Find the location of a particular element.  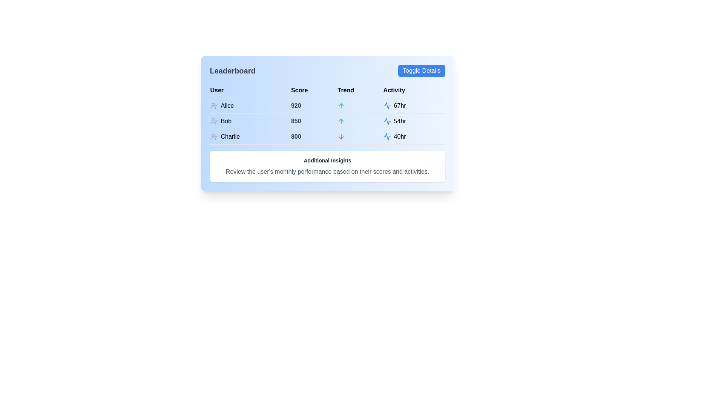

the 'Leaderboard' text label element, which is styled with bold, extra-large gray font on a light blue background, located at the top-left corner of the UI section is located at coordinates (232, 71).